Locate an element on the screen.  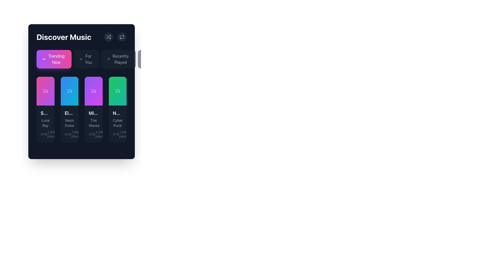
the first ListItem displaying detailed information about a music track in the 'Trending Now' section is located at coordinates (45, 124).